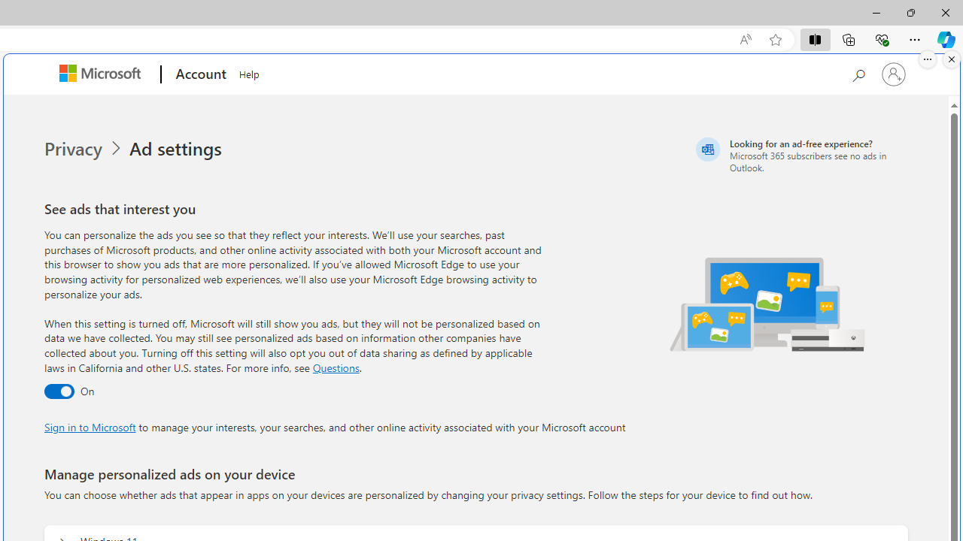 This screenshot has height=541, width=963. Describe the element at coordinates (335, 367) in the screenshot. I see `'Go to Questions section'` at that location.